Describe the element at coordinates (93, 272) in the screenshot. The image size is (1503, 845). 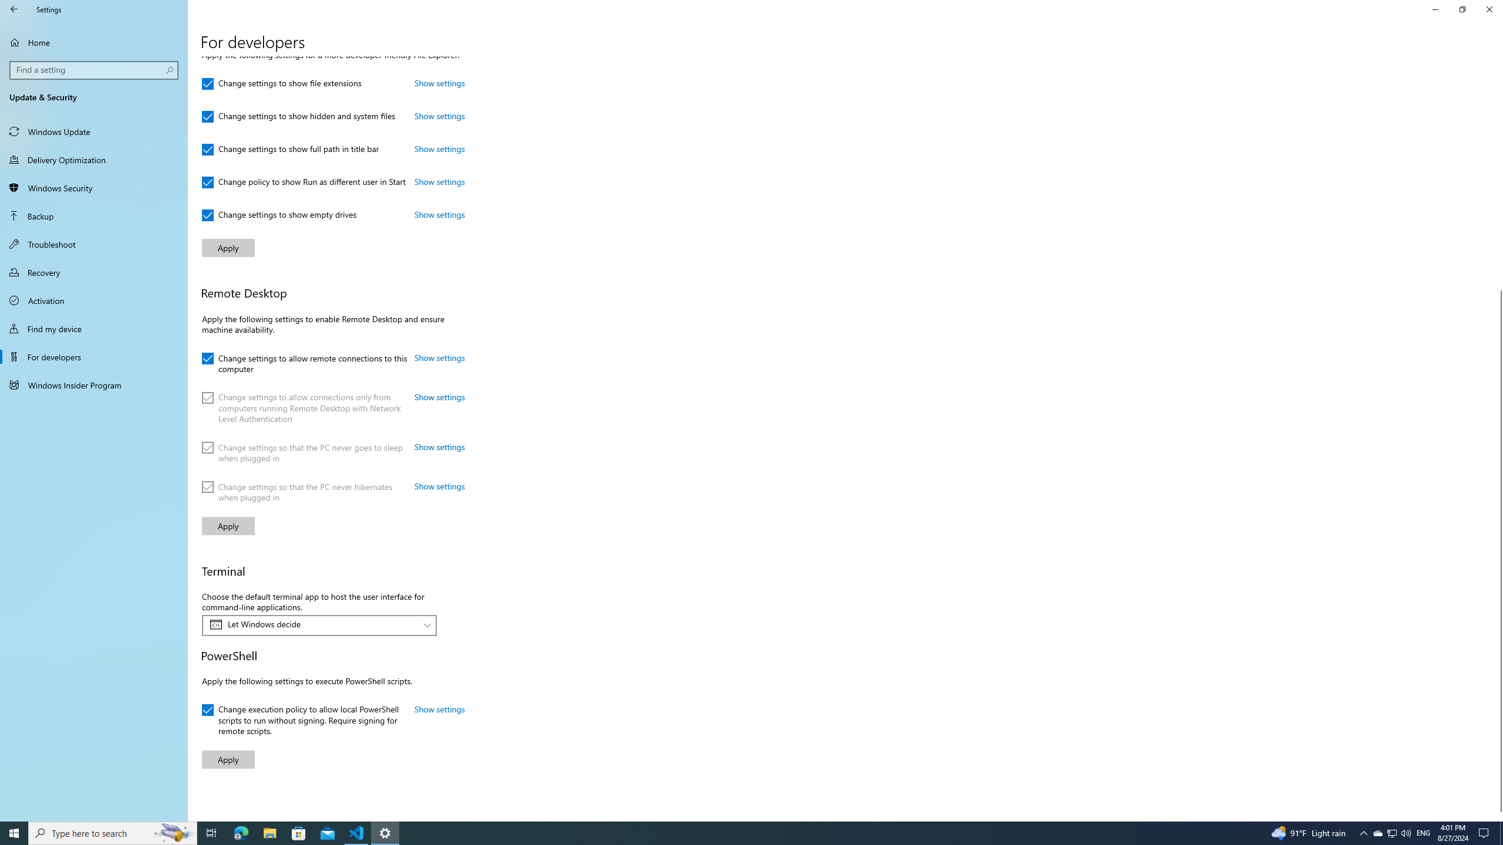
I see `'Recovery'` at that location.